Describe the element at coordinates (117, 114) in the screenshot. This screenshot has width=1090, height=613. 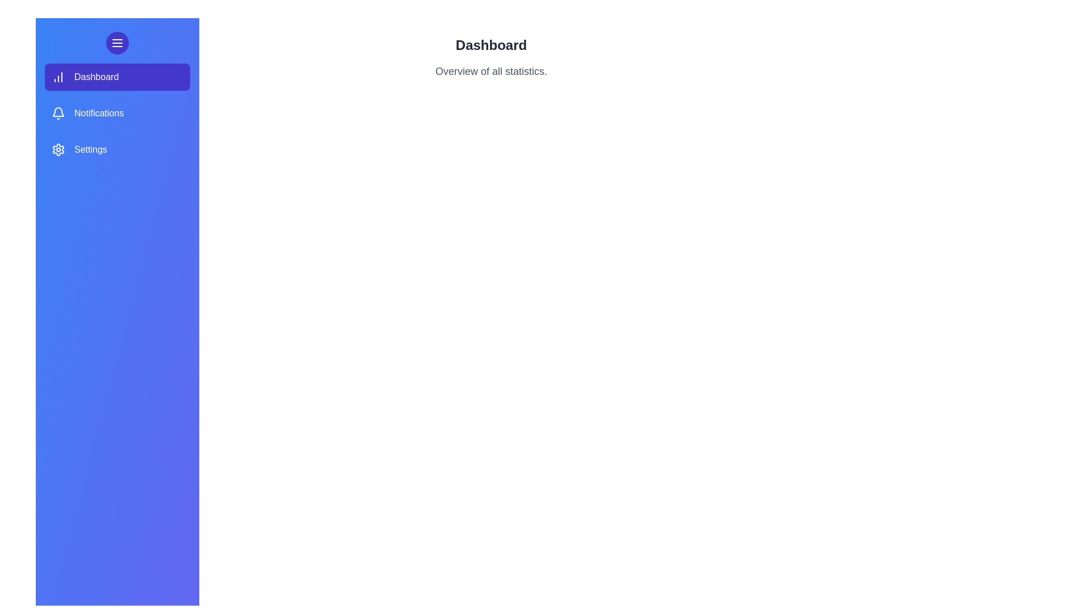
I see `the tab Notifications from the side menu` at that location.